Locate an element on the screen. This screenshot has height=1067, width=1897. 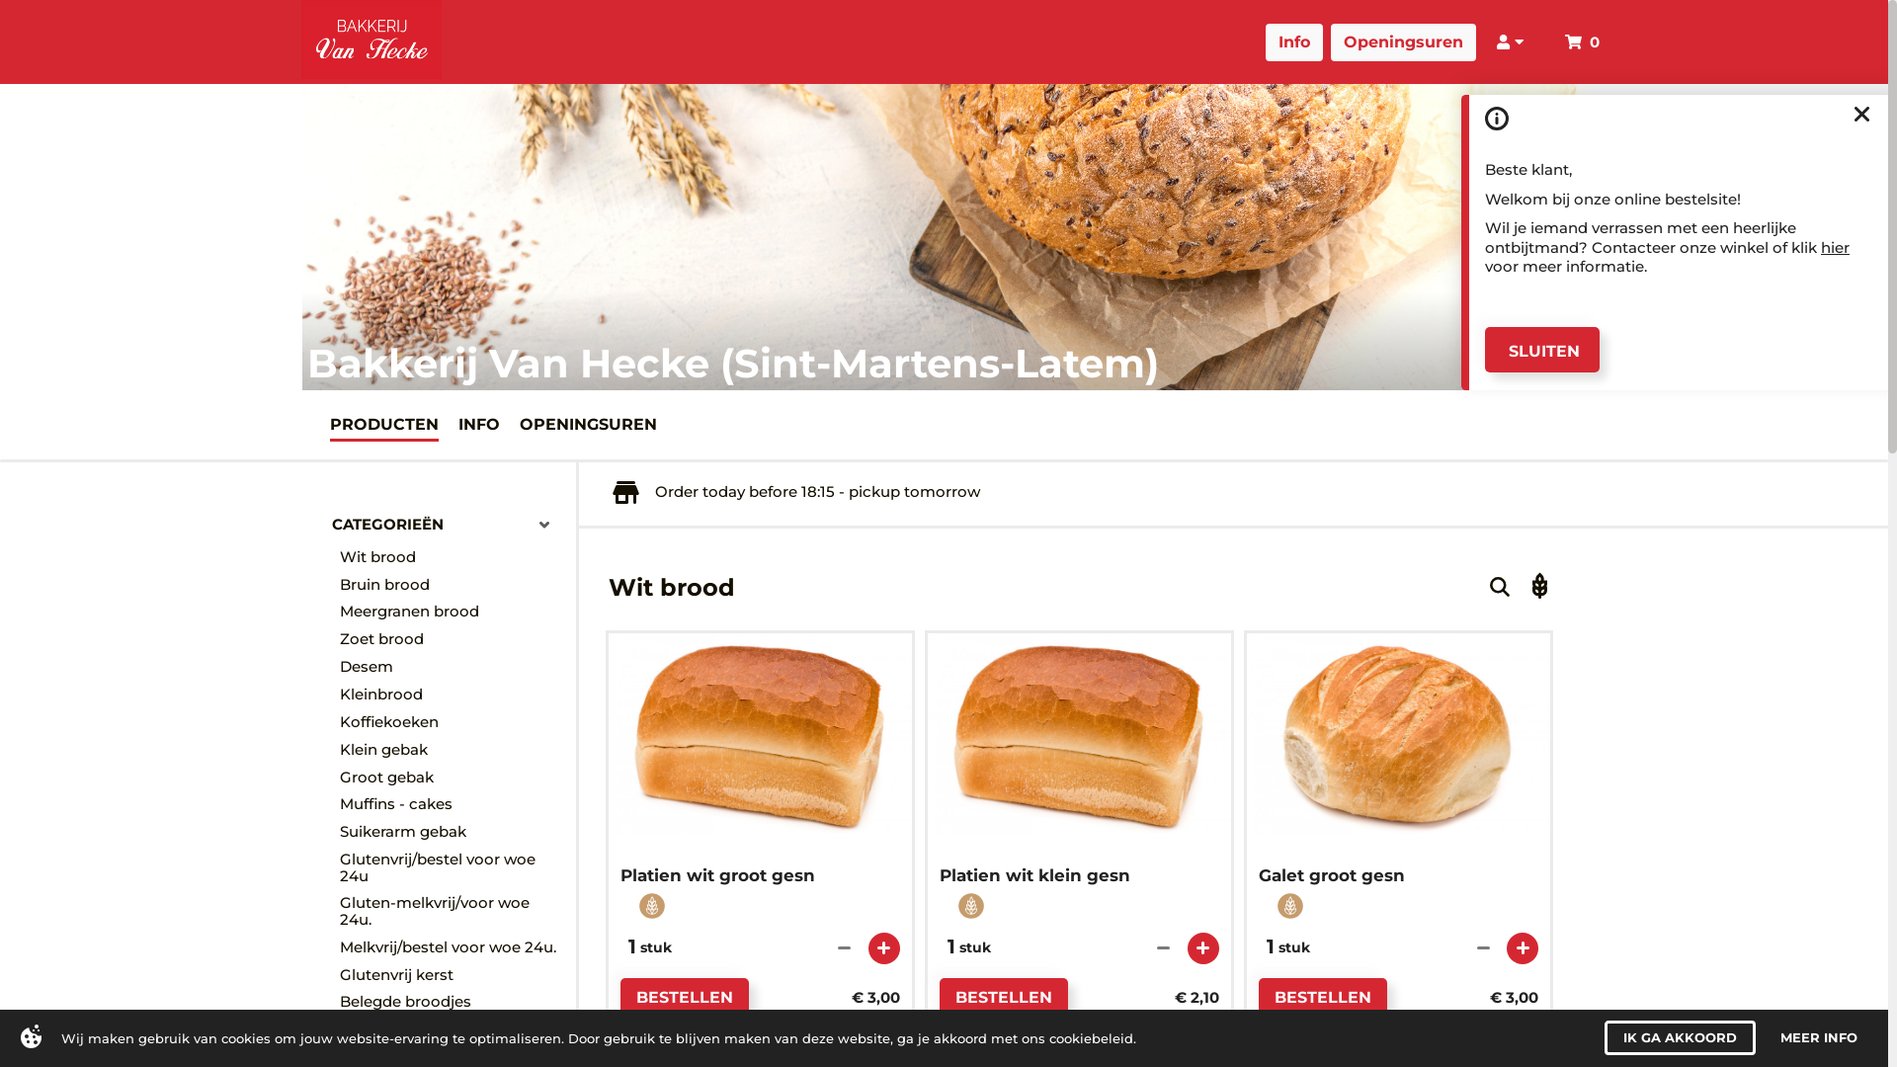
'Kleinbrood' is located at coordinates (451, 693).